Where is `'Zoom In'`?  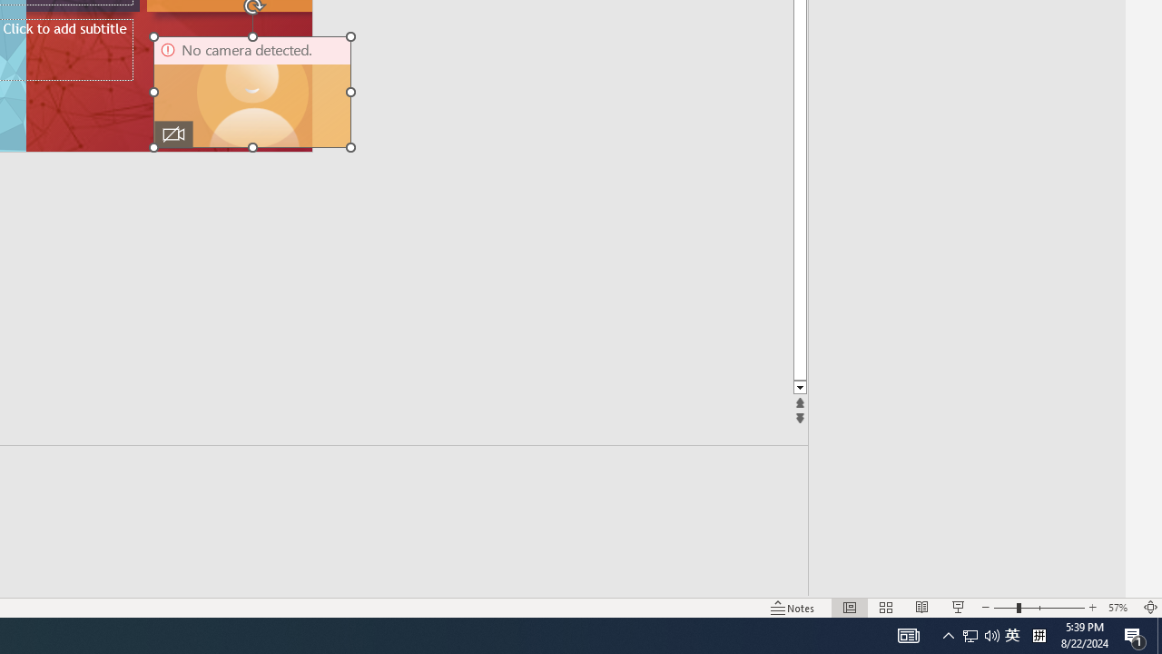 'Zoom In' is located at coordinates (1092, 608).